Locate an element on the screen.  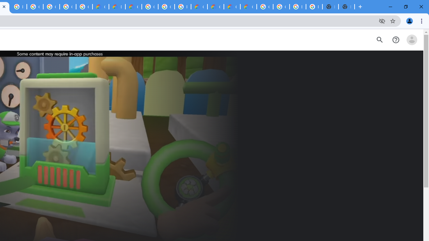
'Customer Care | Google Cloud' is located at coordinates (100, 7).